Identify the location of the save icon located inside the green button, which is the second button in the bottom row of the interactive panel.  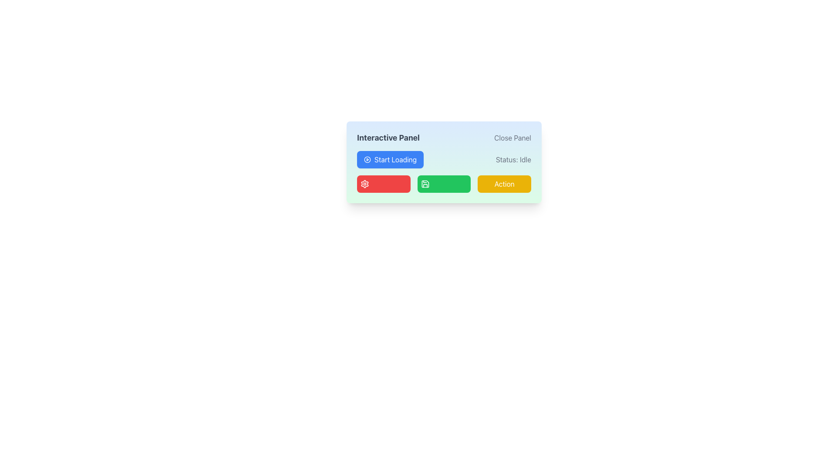
(425, 184).